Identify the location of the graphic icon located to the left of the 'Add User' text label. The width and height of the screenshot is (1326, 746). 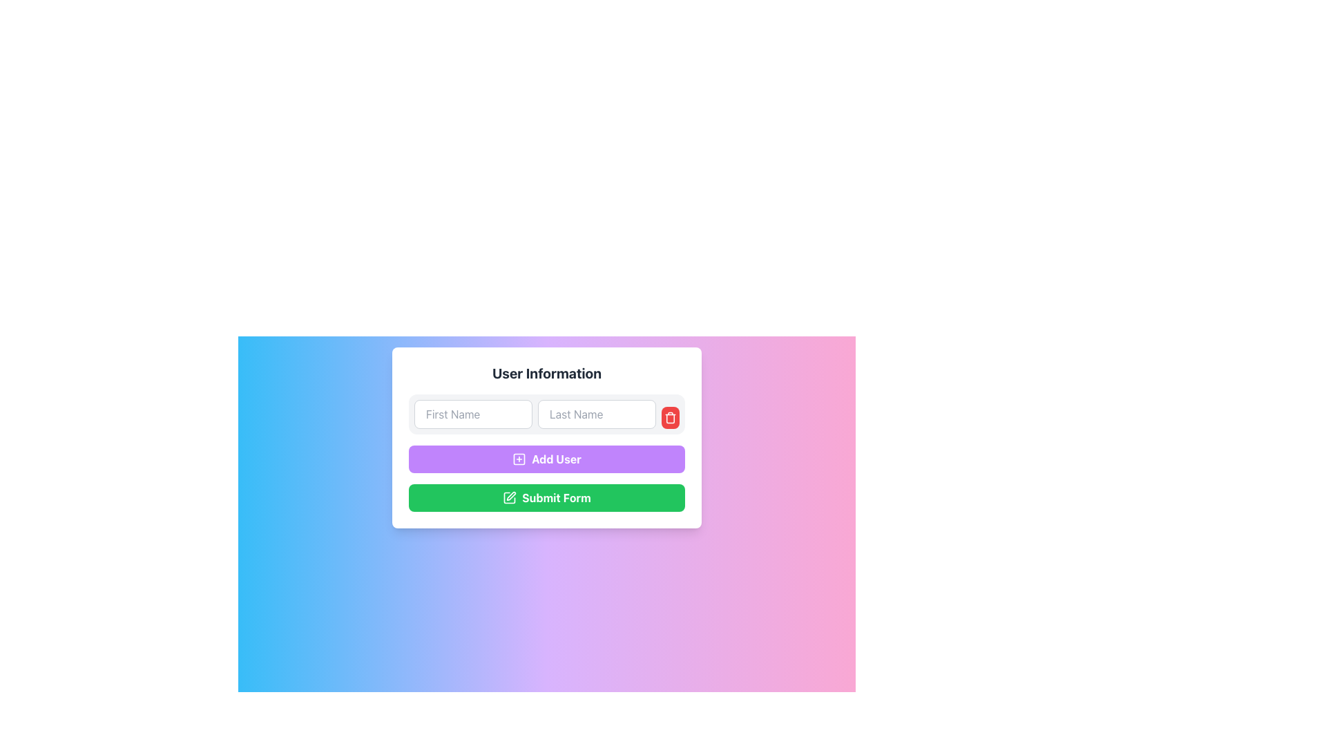
(519, 459).